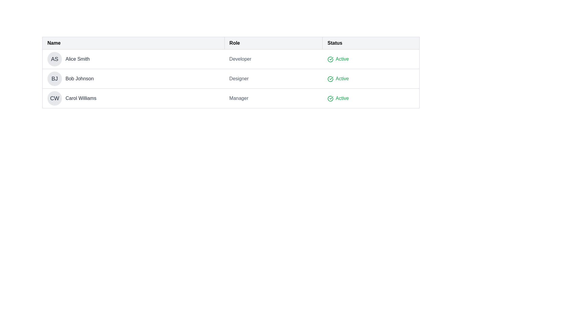  Describe the element at coordinates (230, 78) in the screenshot. I see `the table row displaying information for user Bob Johnson, which includes their initials, name, role as Designer, and status as Active` at that location.